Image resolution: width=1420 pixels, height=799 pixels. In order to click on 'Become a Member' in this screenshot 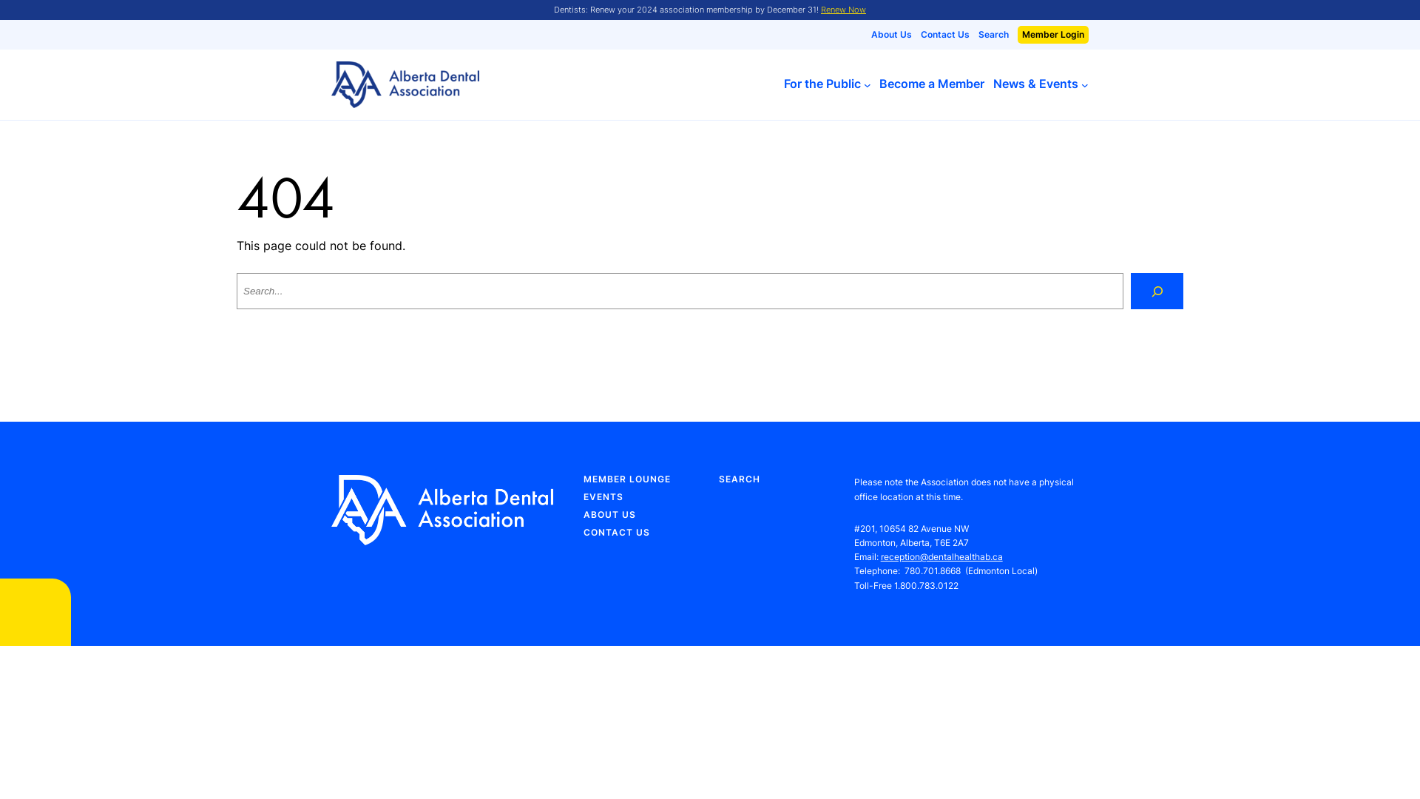, I will do `click(930, 84)`.